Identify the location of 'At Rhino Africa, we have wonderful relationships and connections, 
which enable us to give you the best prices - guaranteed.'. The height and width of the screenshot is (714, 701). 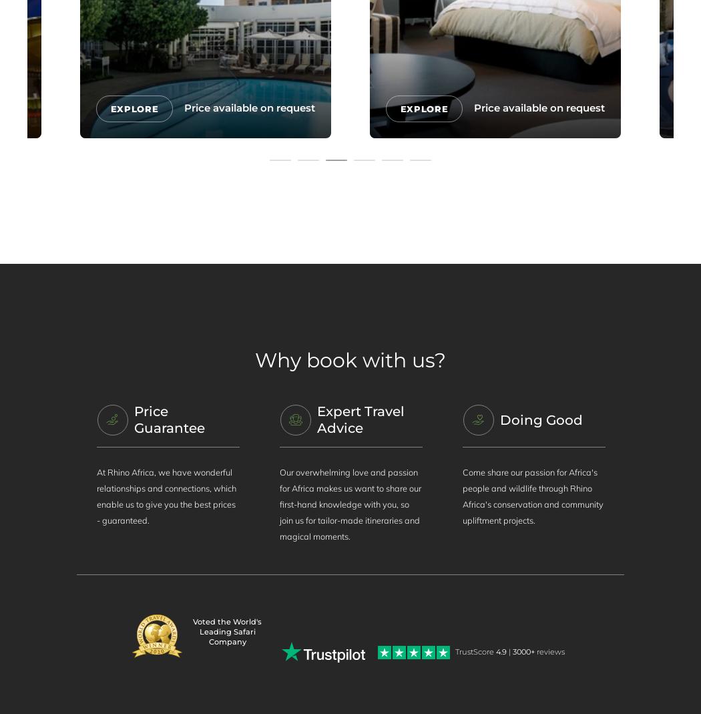
(166, 495).